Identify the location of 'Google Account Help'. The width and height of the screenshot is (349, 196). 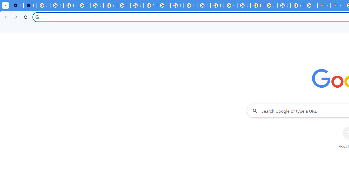
(110, 5).